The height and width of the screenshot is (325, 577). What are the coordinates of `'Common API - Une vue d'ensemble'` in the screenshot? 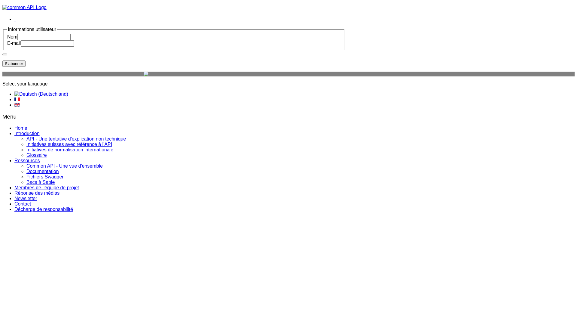 It's located at (65, 166).